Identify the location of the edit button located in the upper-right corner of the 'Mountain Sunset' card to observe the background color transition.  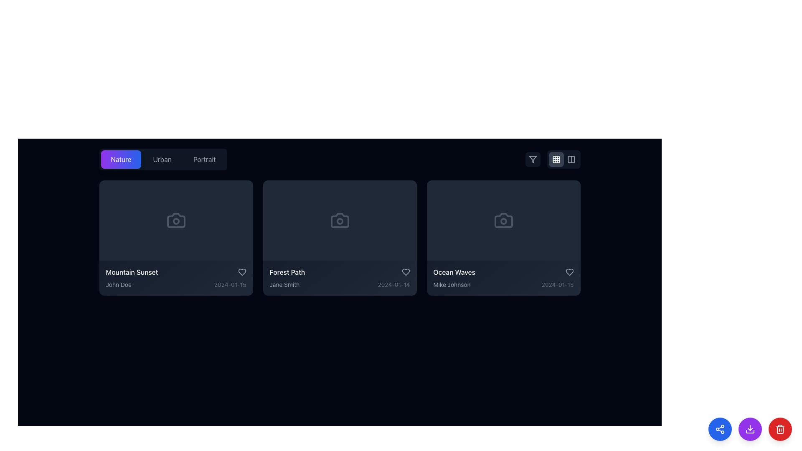
(242, 190).